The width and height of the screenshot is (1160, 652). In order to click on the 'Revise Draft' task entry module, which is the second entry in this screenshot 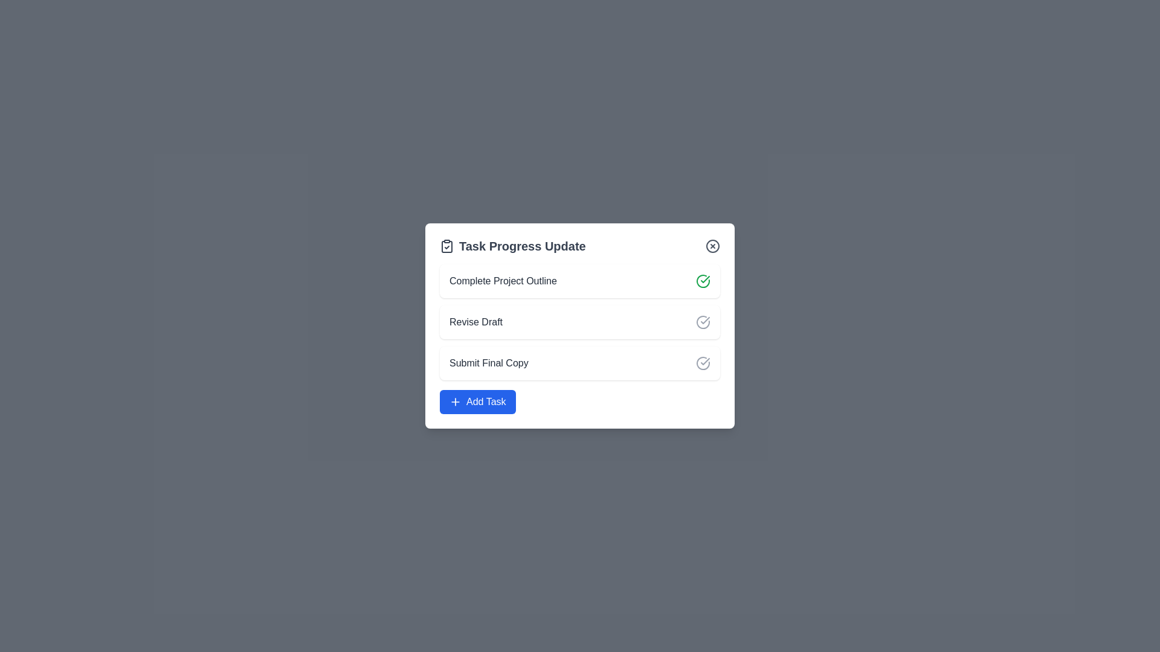, I will do `click(580, 326)`.